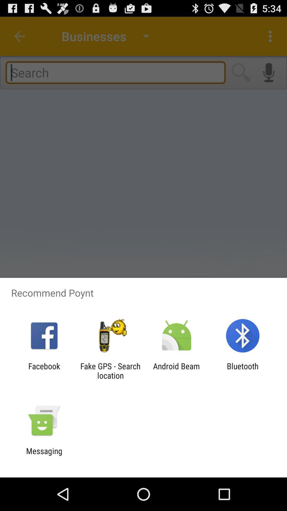 Image resolution: width=287 pixels, height=511 pixels. I want to click on app next to android beam, so click(110, 370).